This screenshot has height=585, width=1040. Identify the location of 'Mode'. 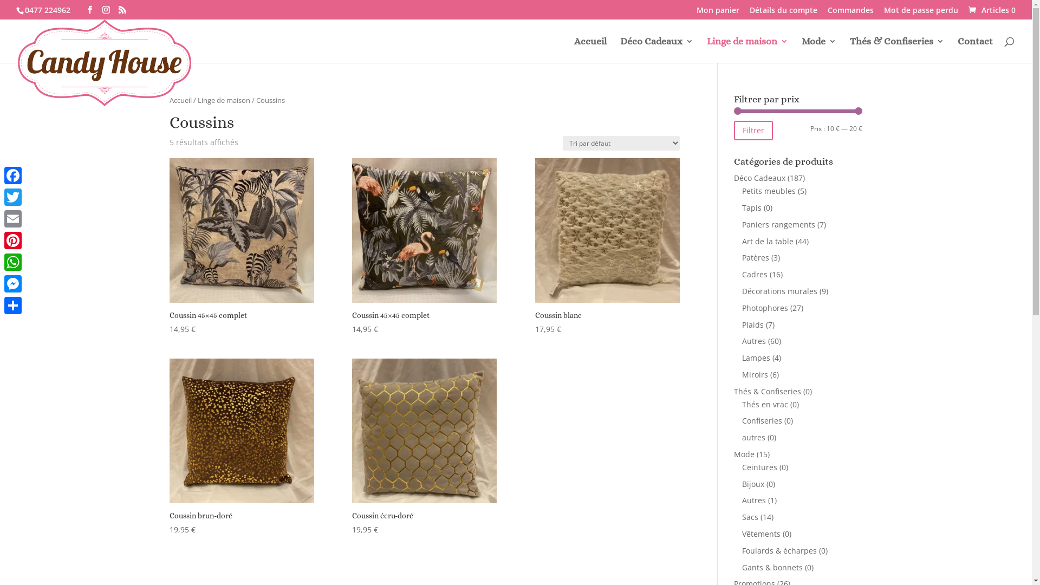
(819, 50).